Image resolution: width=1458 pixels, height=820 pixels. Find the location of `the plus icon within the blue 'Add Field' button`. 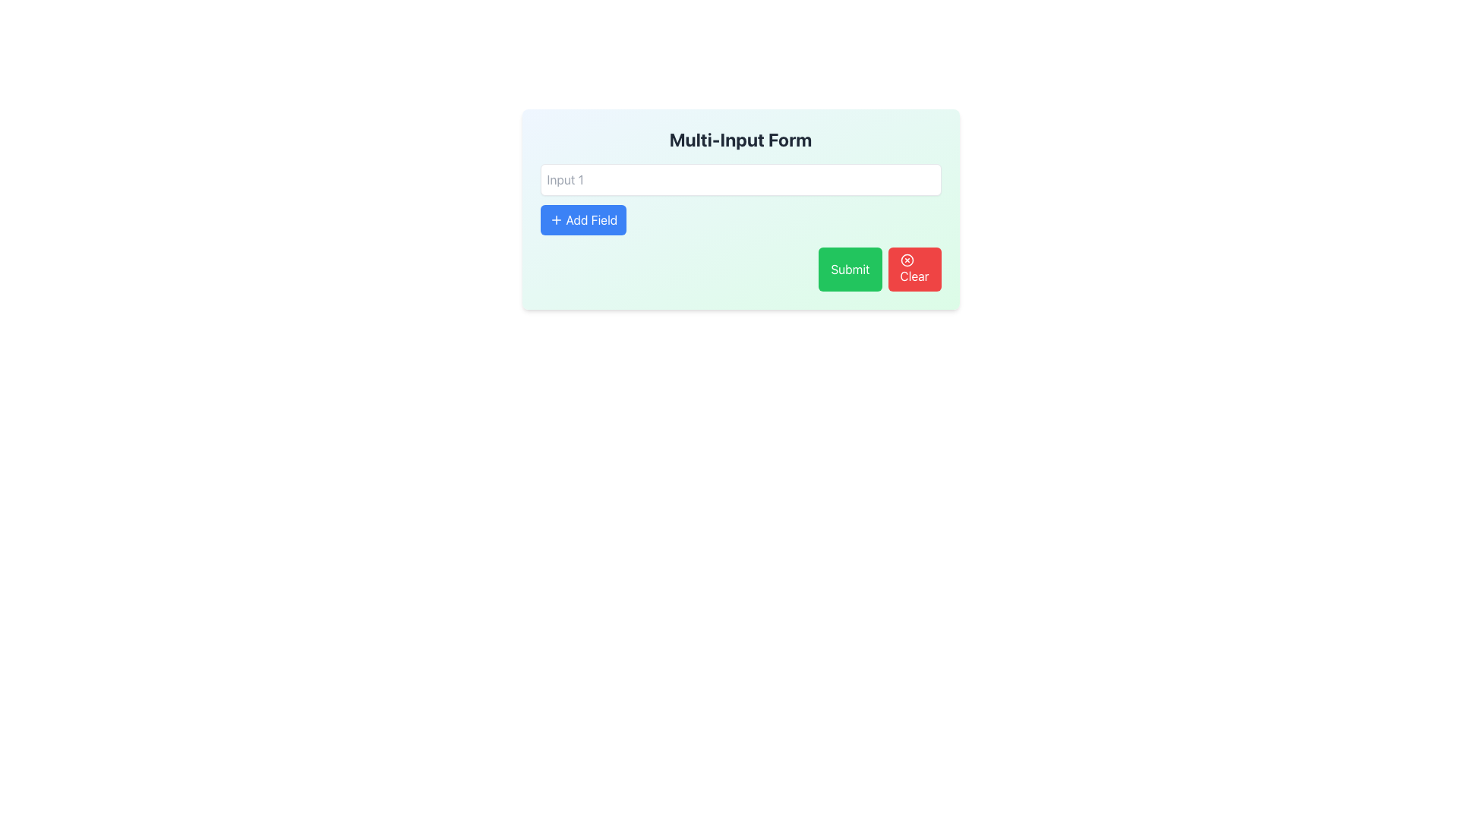

the plus icon within the blue 'Add Field' button is located at coordinates (555, 219).